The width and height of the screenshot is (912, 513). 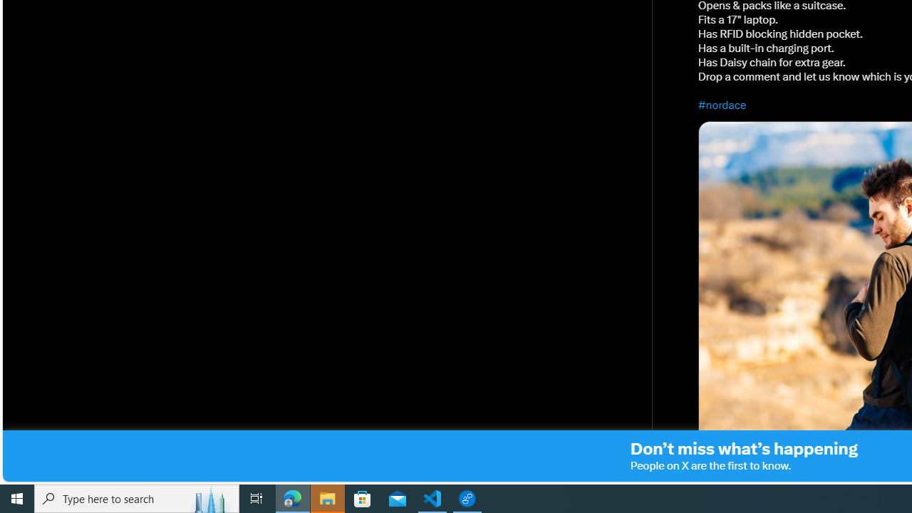 I want to click on '#nordace', so click(x=722, y=104).